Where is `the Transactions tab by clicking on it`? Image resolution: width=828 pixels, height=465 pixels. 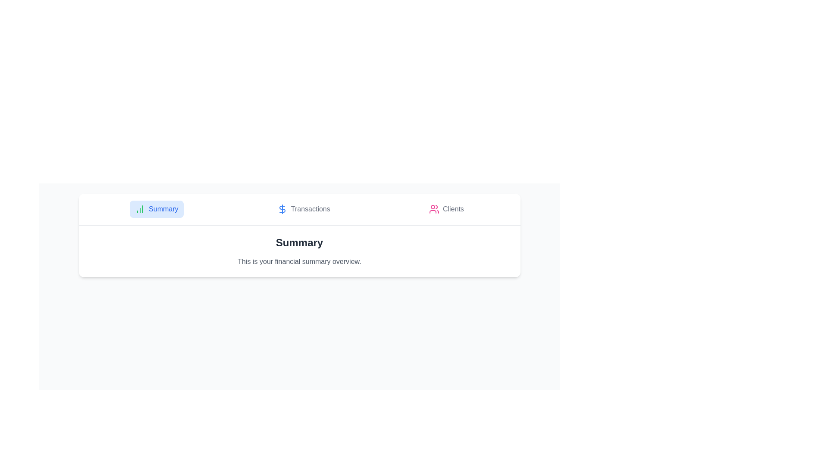 the Transactions tab by clicking on it is located at coordinates (304, 209).